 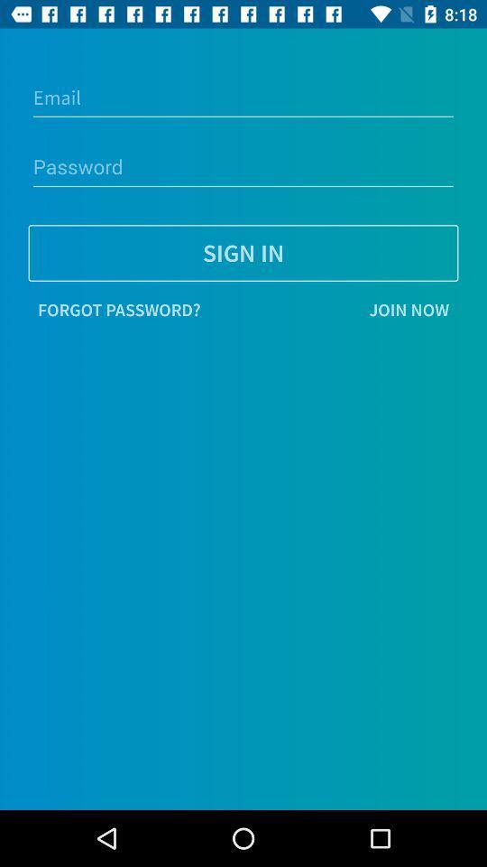 I want to click on the item below the sign in, so click(x=333, y=310).